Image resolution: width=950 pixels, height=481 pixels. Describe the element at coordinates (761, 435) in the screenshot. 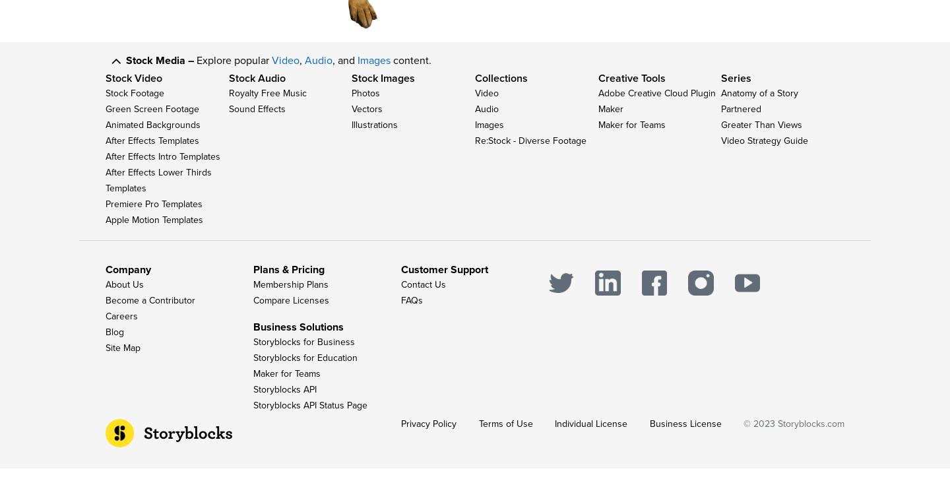

I see `'© 2023'` at that location.